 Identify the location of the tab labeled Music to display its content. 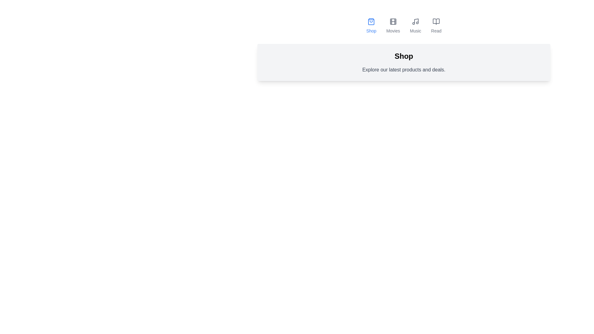
(415, 26).